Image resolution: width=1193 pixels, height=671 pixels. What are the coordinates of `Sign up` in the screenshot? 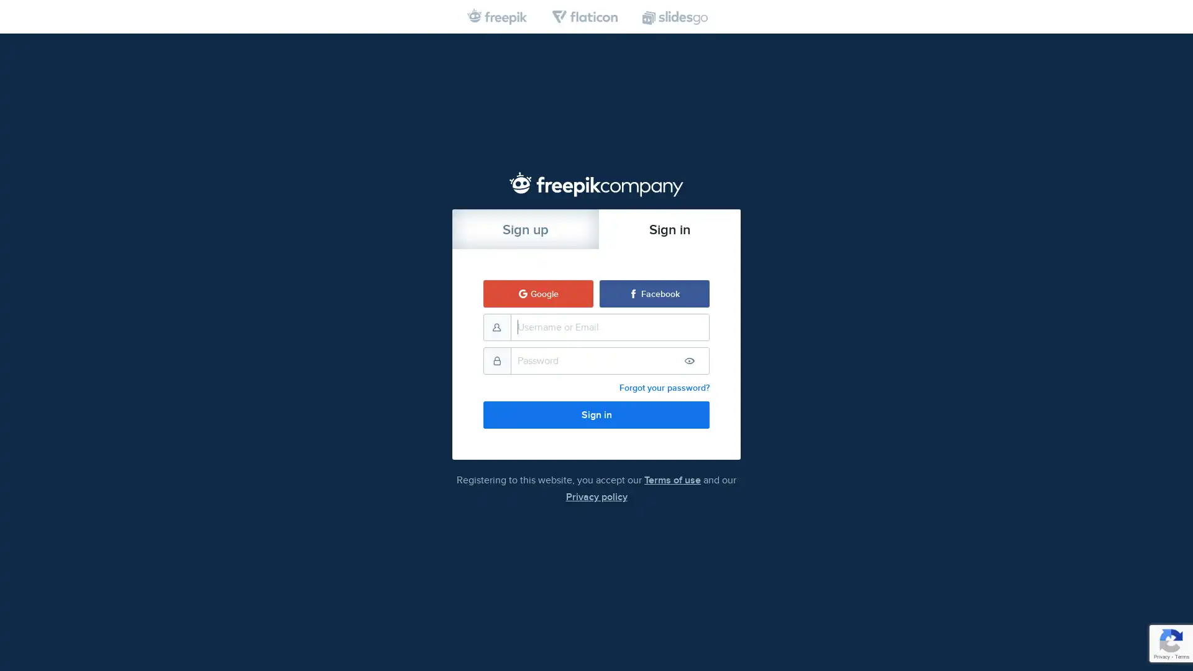 It's located at (525, 228).